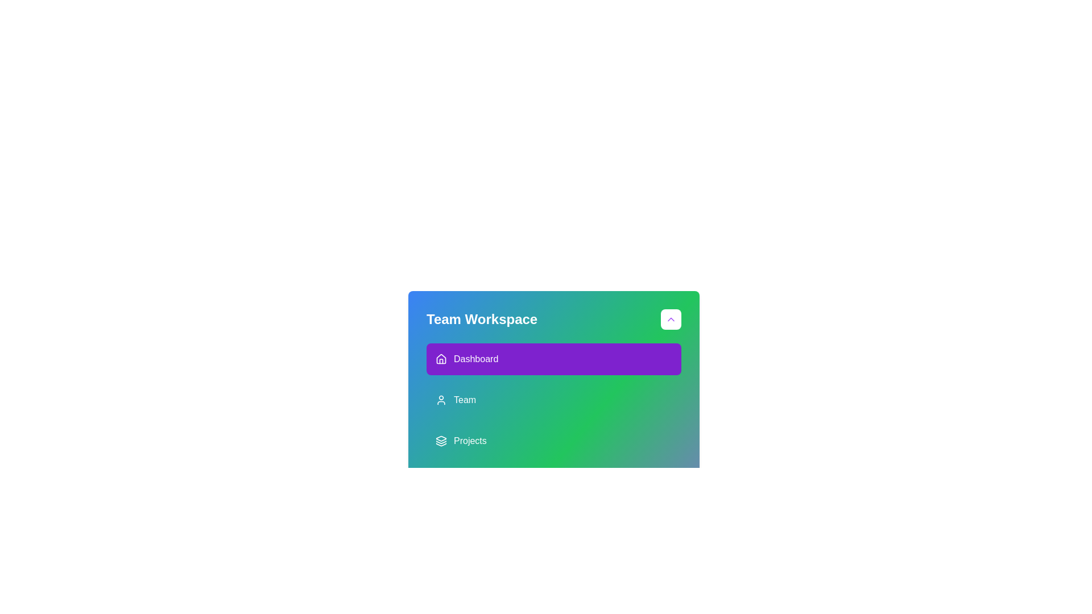  What do you see at coordinates (441, 400) in the screenshot?
I see `the user silhouette icon located to the left of the text 'Team' in the second row of items in the workspace panel` at bounding box center [441, 400].